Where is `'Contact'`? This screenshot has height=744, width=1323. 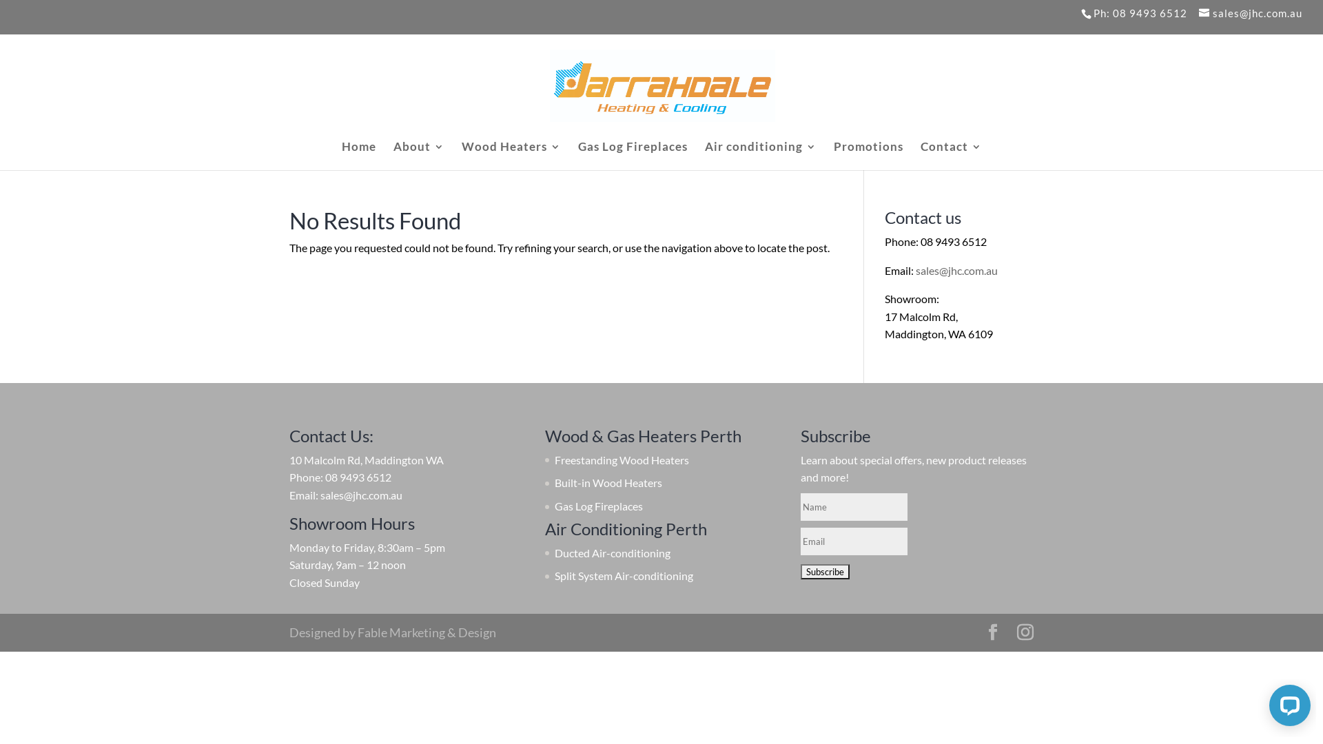
'Contact' is located at coordinates (950, 155).